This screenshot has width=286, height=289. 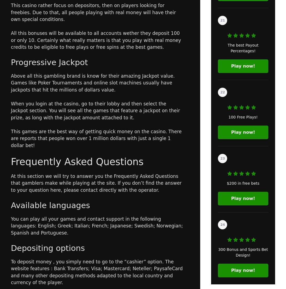 What do you see at coordinates (77, 161) in the screenshot?
I see `'Frequently Asked Questions'` at bounding box center [77, 161].